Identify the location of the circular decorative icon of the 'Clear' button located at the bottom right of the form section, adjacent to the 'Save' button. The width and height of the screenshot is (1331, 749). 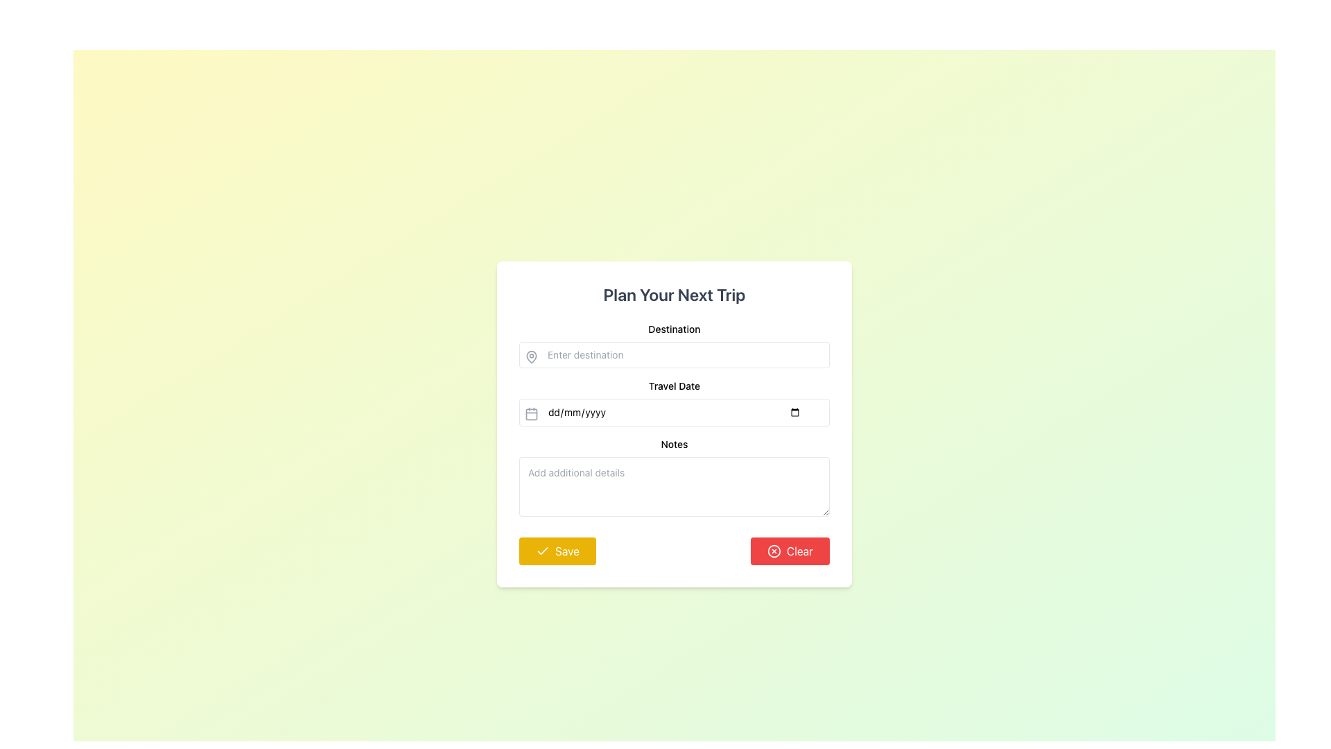
(774, 550).